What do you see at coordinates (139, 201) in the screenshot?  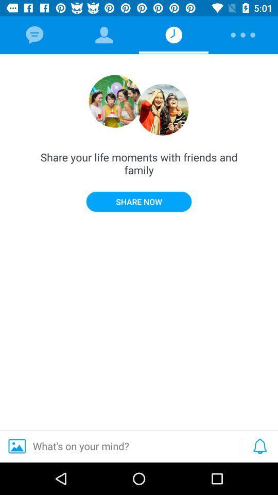 I see `icon below the share your life icon` at bounding box center [139, 201].